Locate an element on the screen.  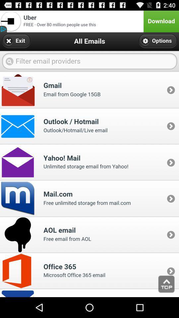
menu bar is located at coordinates (89, 21).